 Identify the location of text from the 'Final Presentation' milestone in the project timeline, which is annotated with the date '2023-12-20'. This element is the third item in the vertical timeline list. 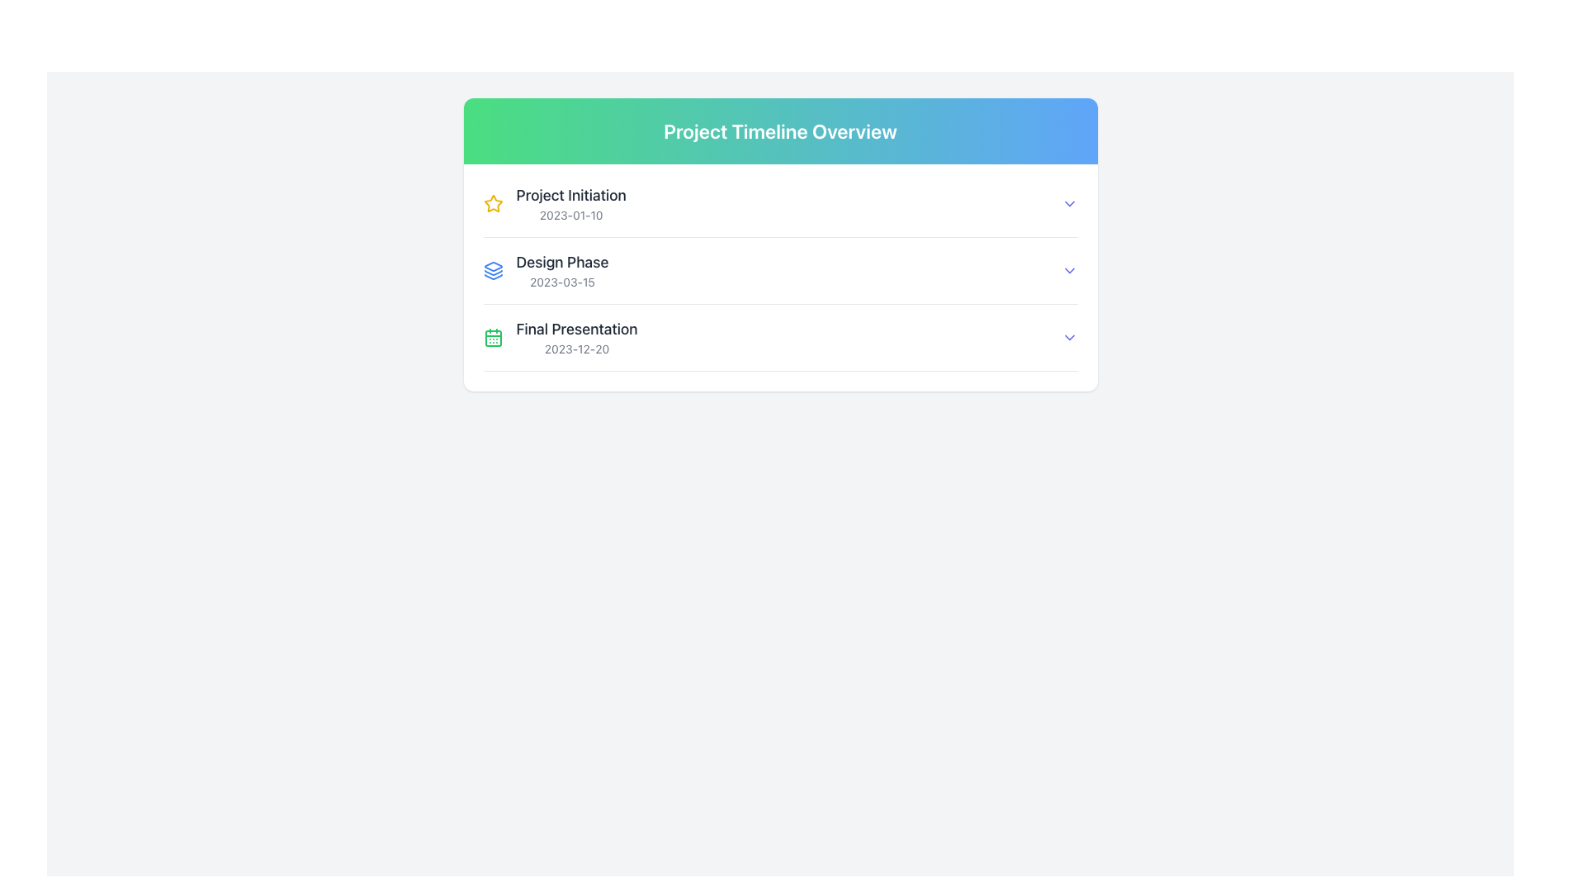
(577, 336).